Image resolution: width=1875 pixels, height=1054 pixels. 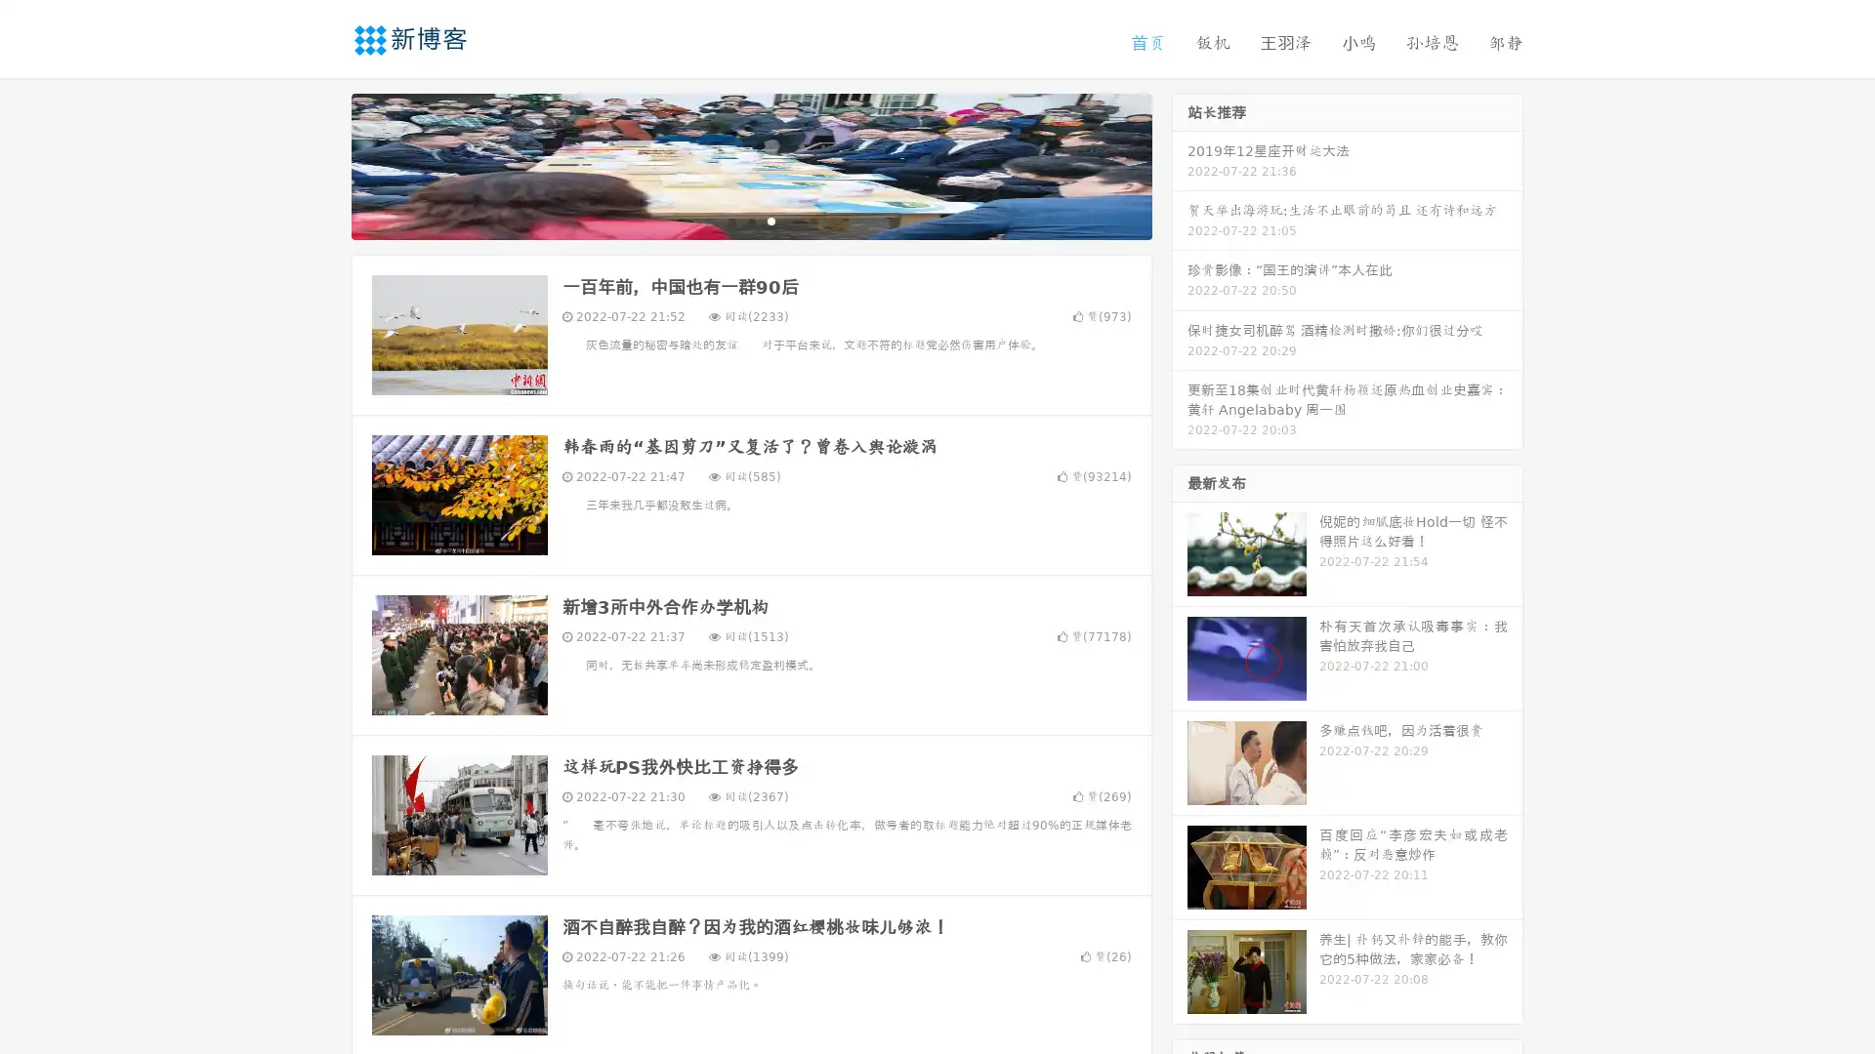 I want to click on Go to slide 3, so click(x=771, y=220).